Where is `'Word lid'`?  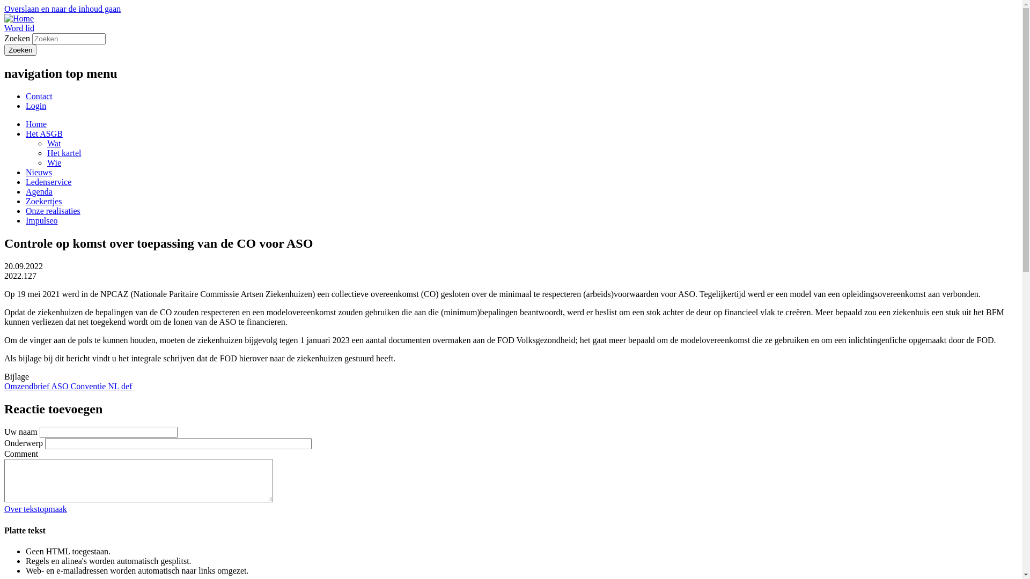 'Word lid' is located at coordinates (19, 27).